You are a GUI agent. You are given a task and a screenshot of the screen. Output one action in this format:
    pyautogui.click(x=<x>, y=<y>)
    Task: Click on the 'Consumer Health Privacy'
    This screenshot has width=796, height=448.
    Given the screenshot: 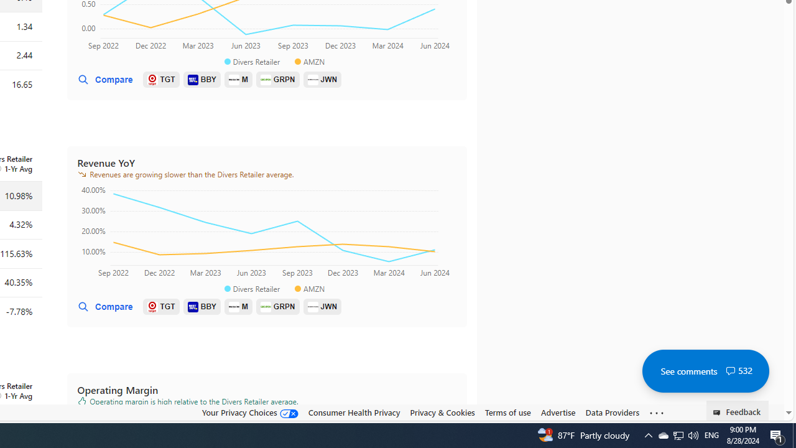 What is the action you would take?
    pyautogui.click(x=353, y=413)
    